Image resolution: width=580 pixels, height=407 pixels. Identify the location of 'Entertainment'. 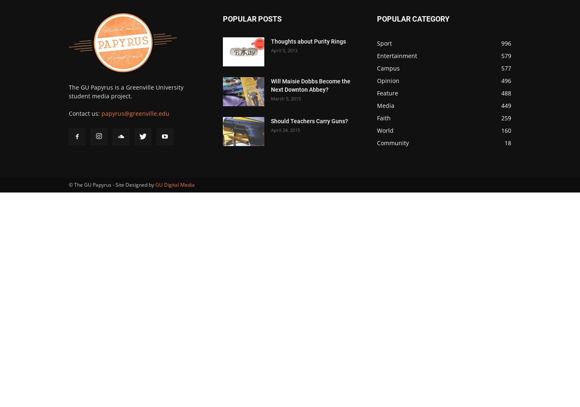
(397, 55).